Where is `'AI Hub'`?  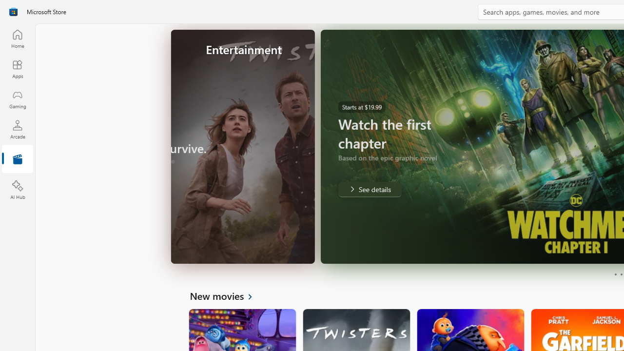 'AI Hub' is located at coordinates (17, 190).